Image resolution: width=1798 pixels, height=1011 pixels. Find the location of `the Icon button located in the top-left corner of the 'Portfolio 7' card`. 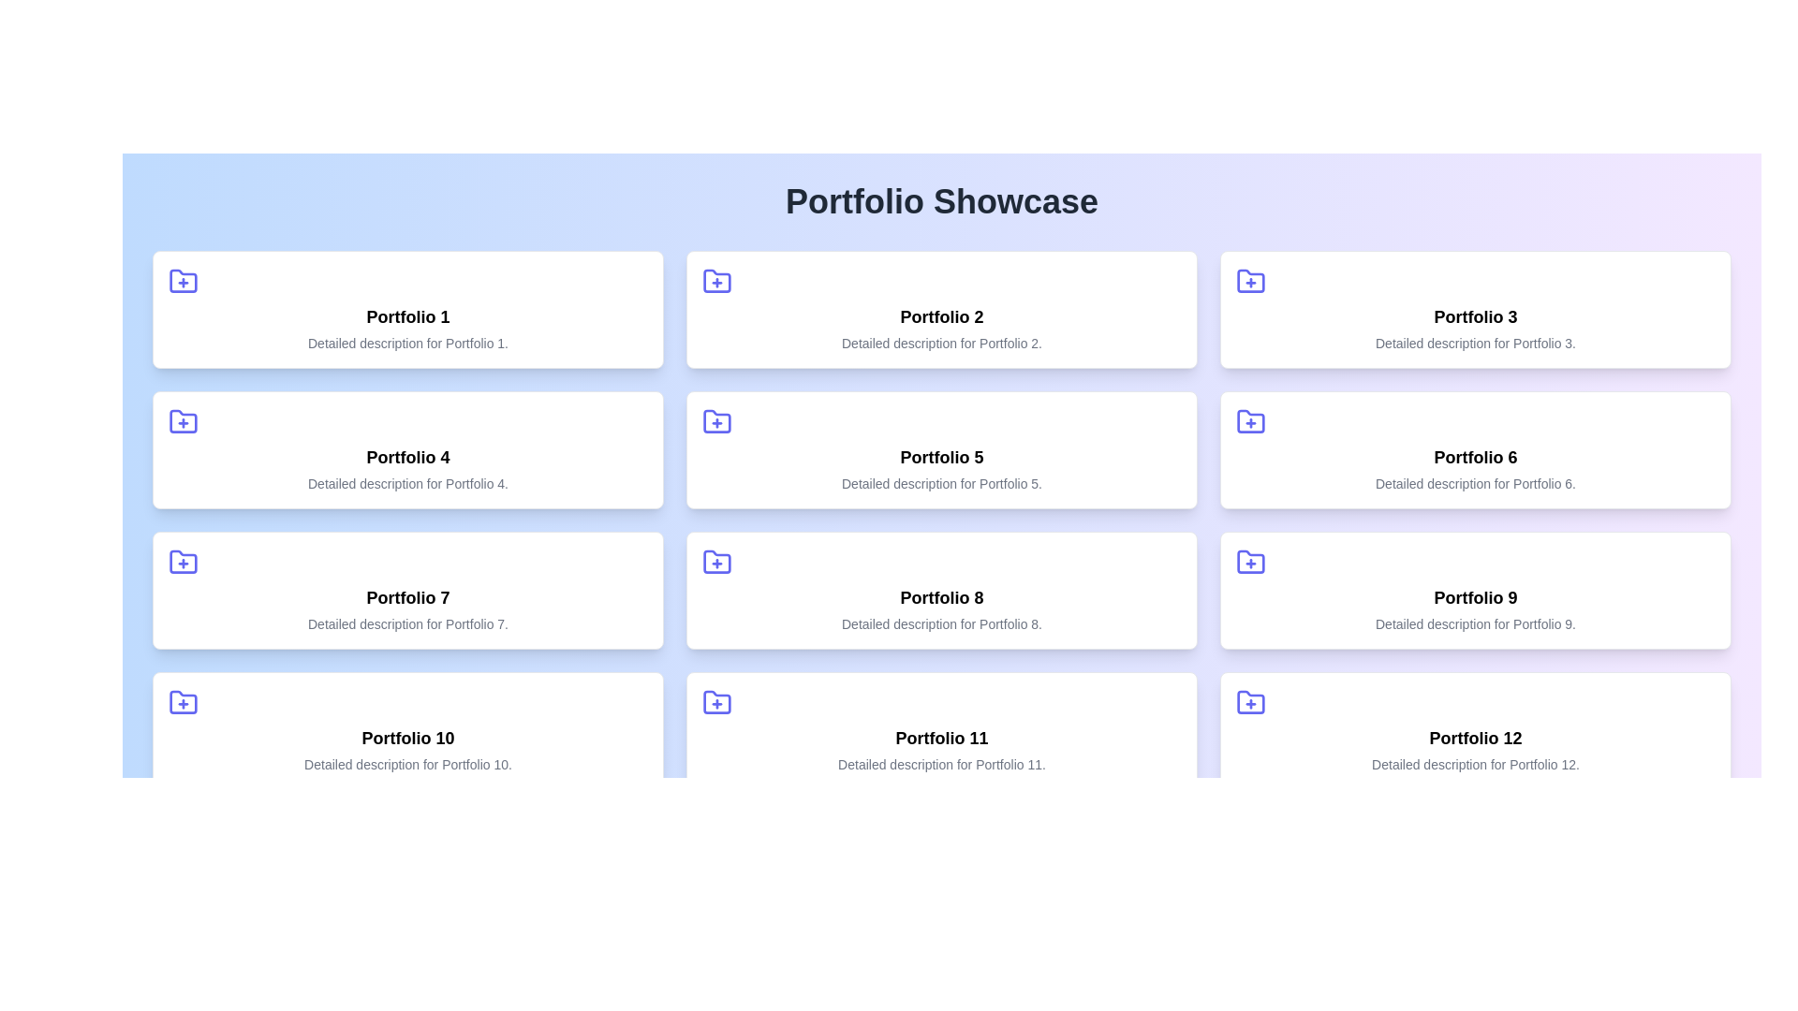

the Icon button located in the top-left corner of the 'Portfolio 7' card is located at coordinates (184, 561).